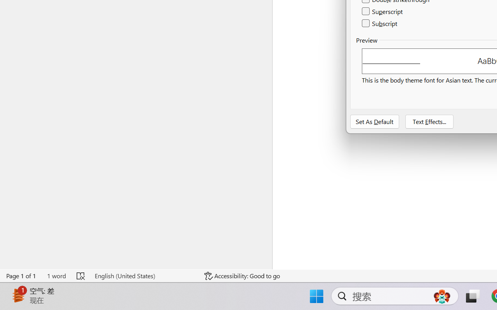 This screenshot has height=310, width=497. I want to click on 'Text Effects...', so click(429, 121).